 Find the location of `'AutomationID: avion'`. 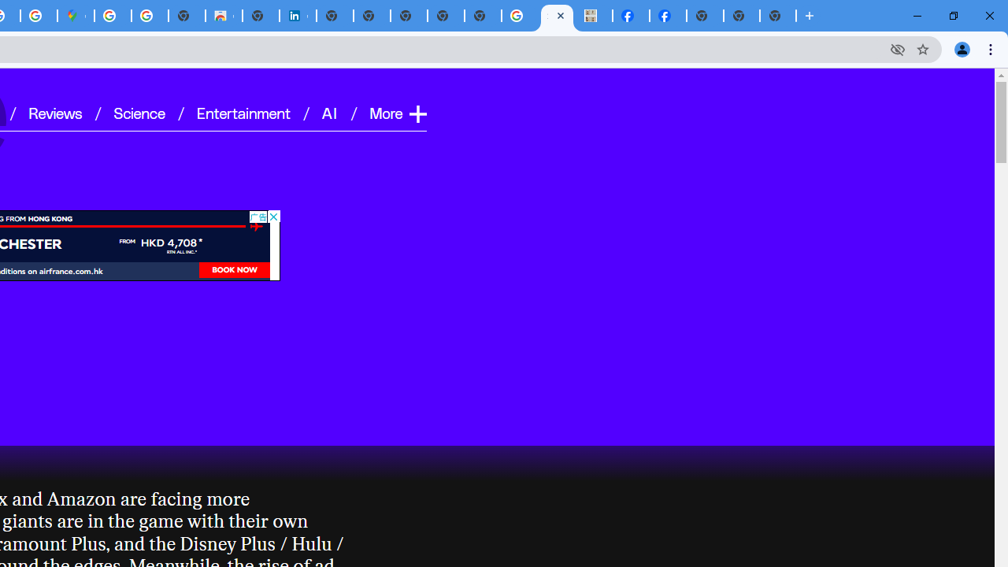

'AutomationID: avion' is located at coordinates (256, 225).